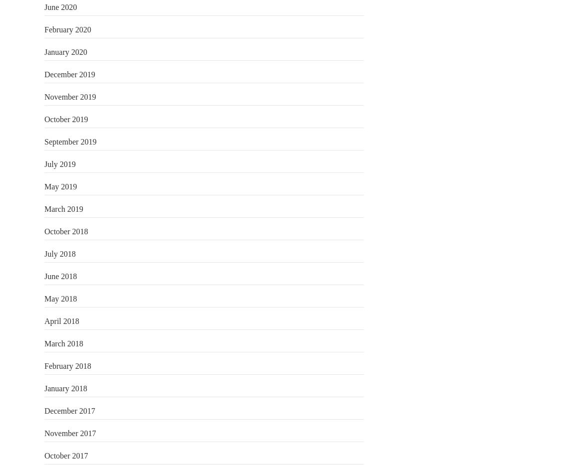 The height and width of the screenshot is (465, 578). Describe the element at coordinates (67, 365) in the screenshot. I see `'February 2018'` at that location.